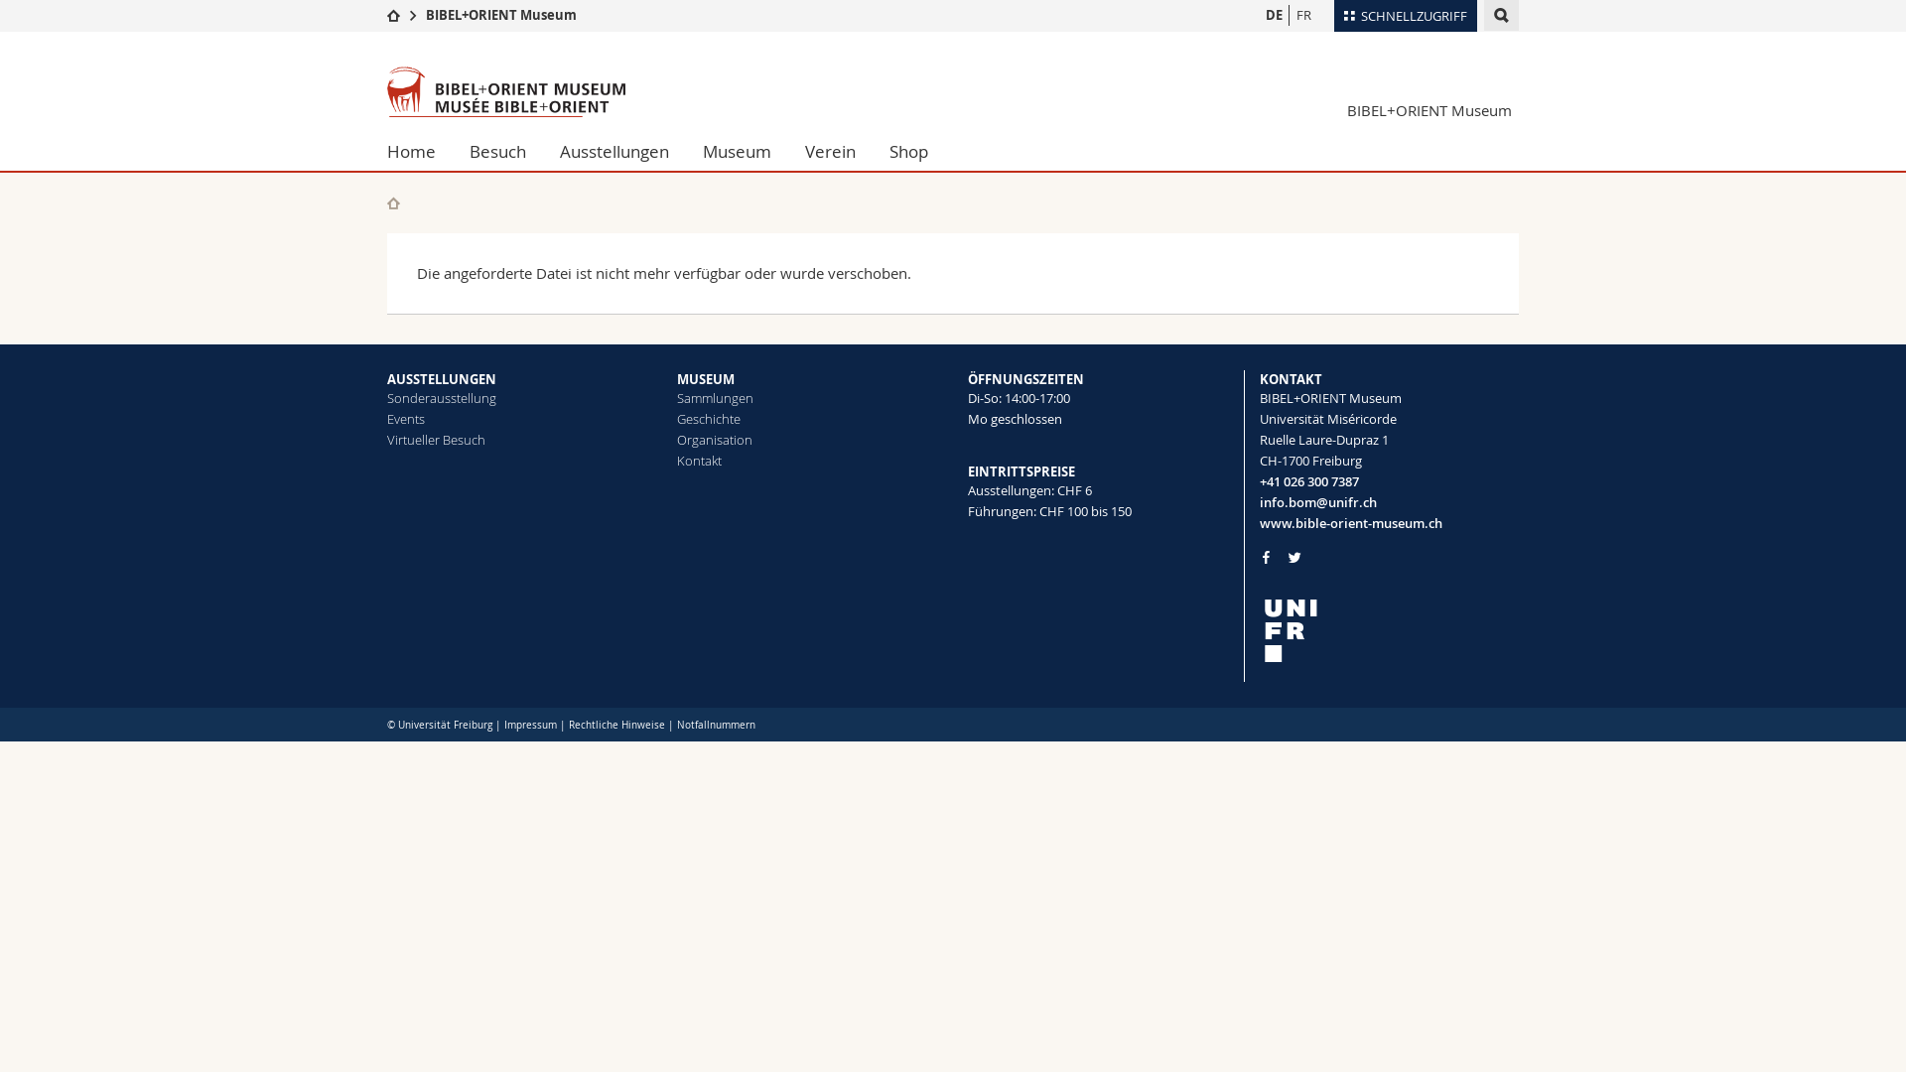 Image resolution: width=1906 pixels, height=1072 pixels. Describe the element at coordinates (1387, 481) in the screenshot. I see `'+41 026 300 7387'` at that location.